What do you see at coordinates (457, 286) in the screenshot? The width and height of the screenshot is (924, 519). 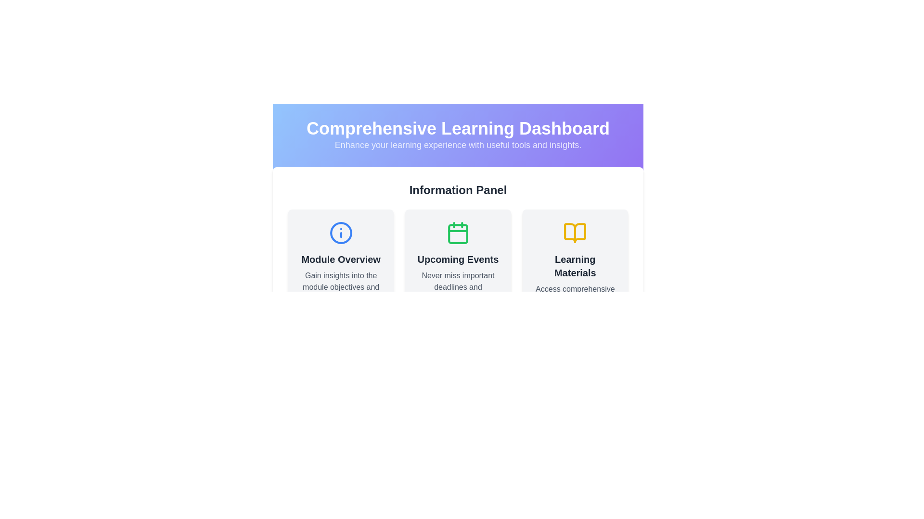 I see `descriptive subtitle text label located under the 'Upcoming Events' section in the center column of the layout` at bounding box center [457, 286].